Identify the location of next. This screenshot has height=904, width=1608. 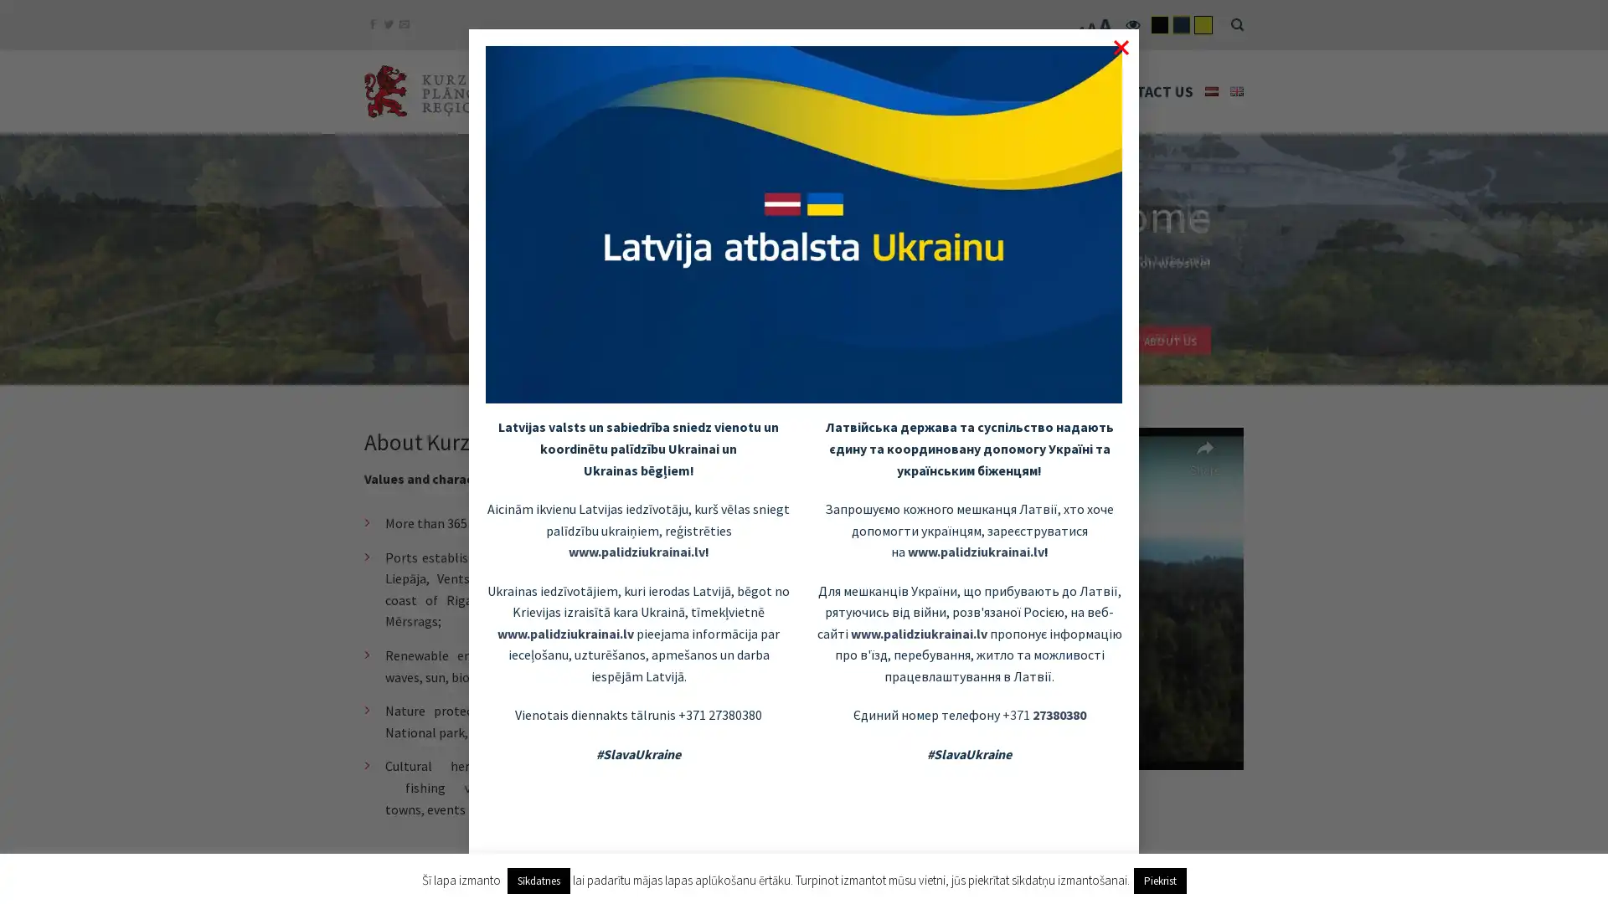
(1554, 258).